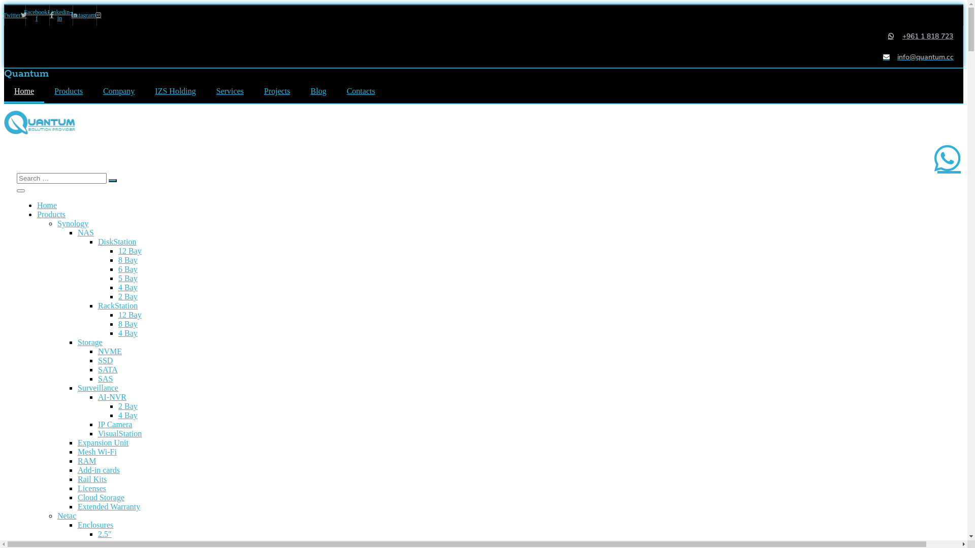  I want to click on 'Products', so click(50, 214).